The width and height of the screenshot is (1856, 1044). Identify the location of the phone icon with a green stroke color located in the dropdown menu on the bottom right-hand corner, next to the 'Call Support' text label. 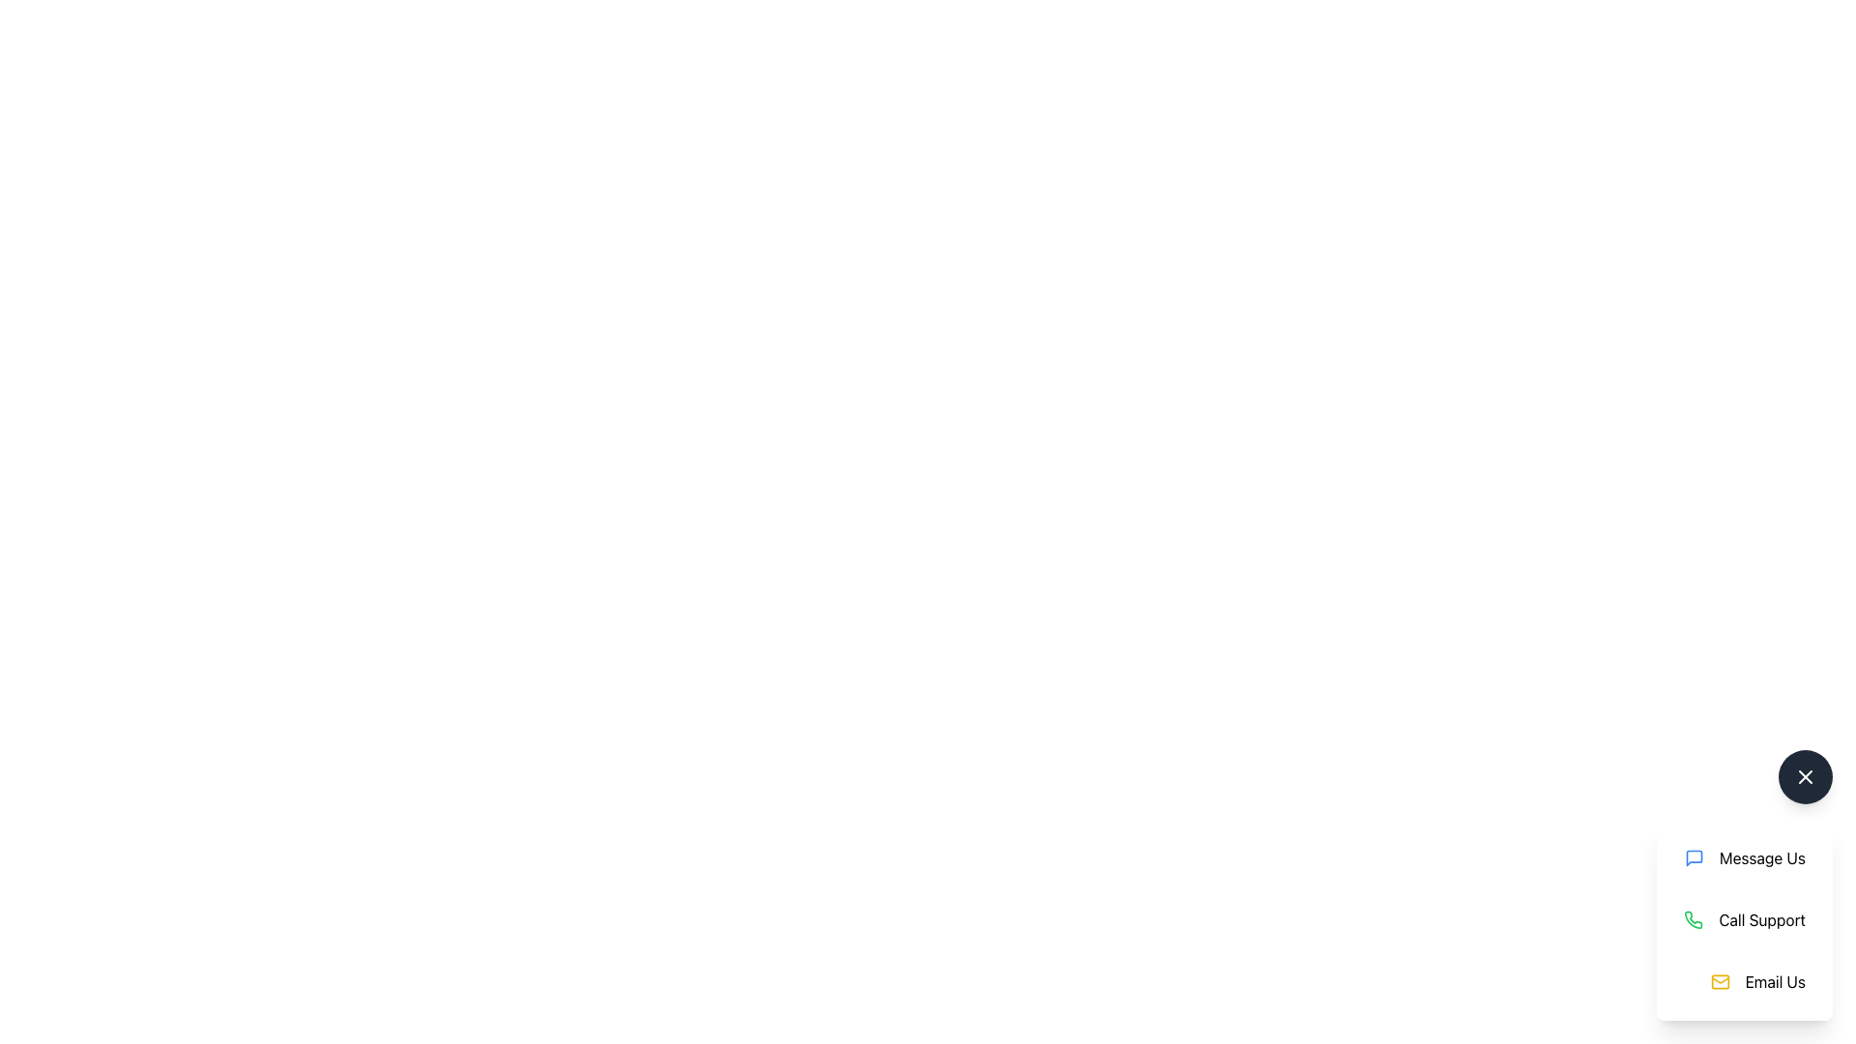
(1693, 919).